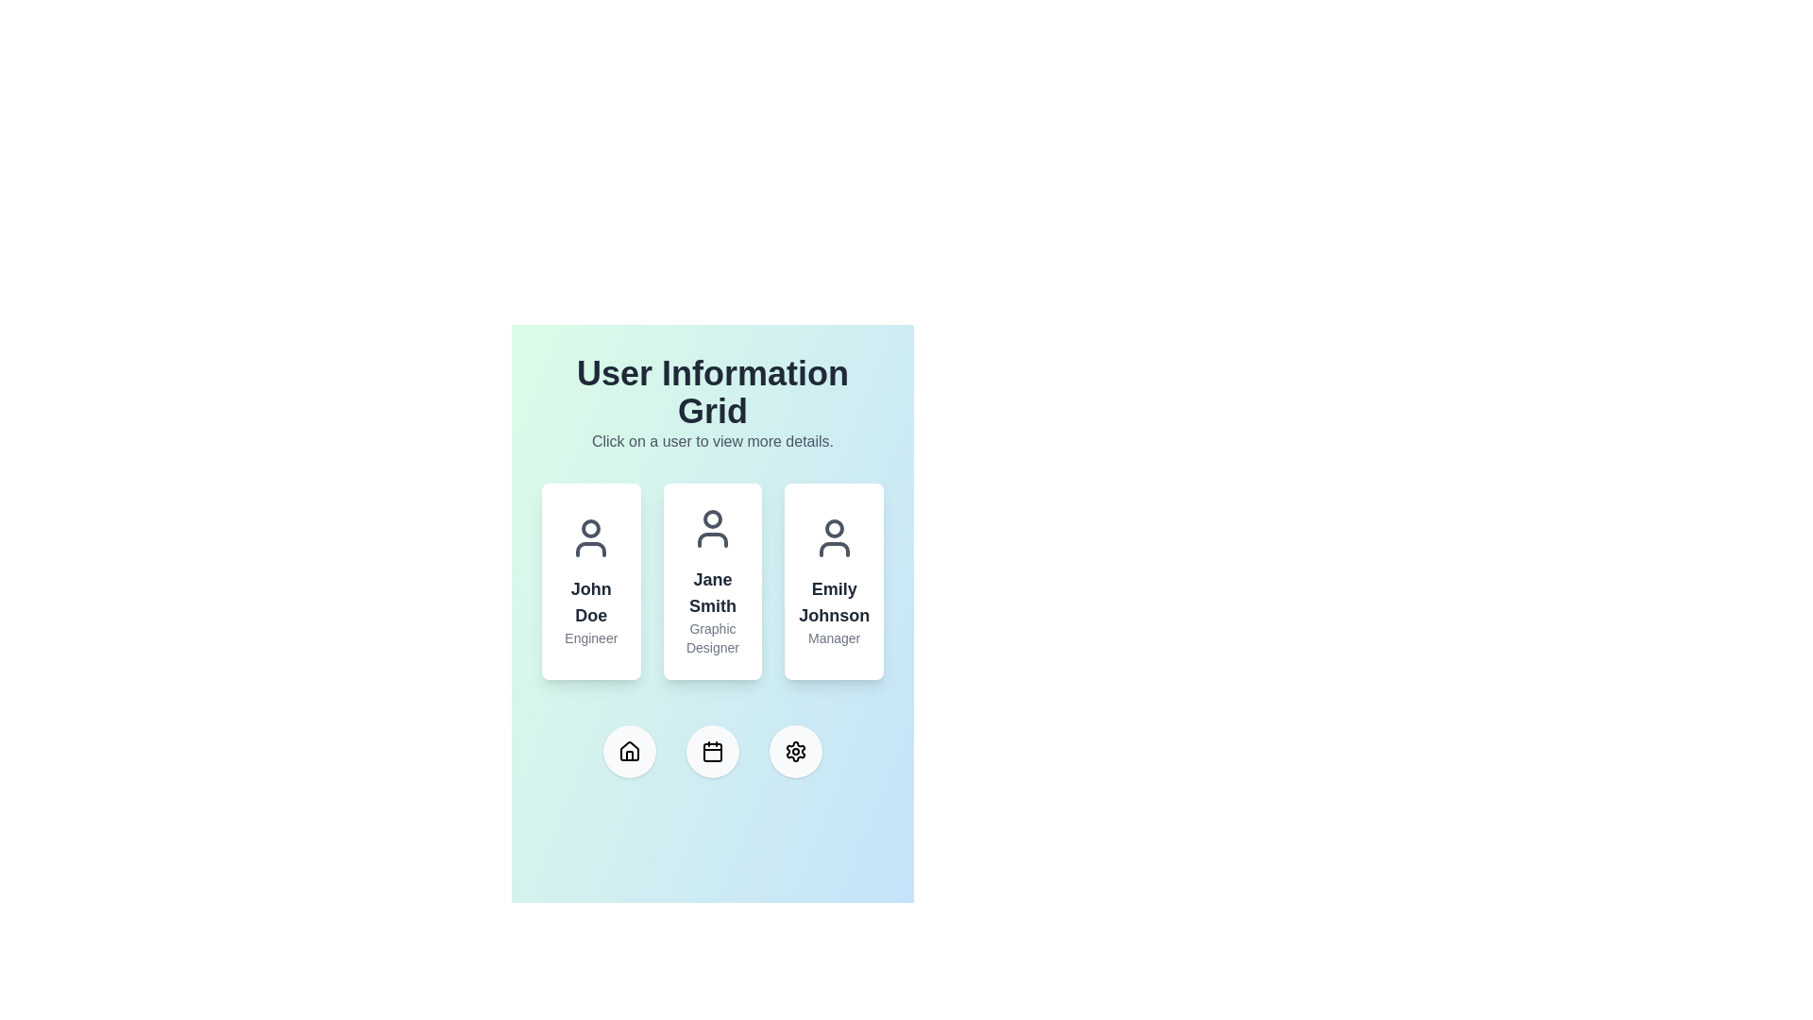  I want to click on the third circular button at the bottom of the interface, so click(796, 750).